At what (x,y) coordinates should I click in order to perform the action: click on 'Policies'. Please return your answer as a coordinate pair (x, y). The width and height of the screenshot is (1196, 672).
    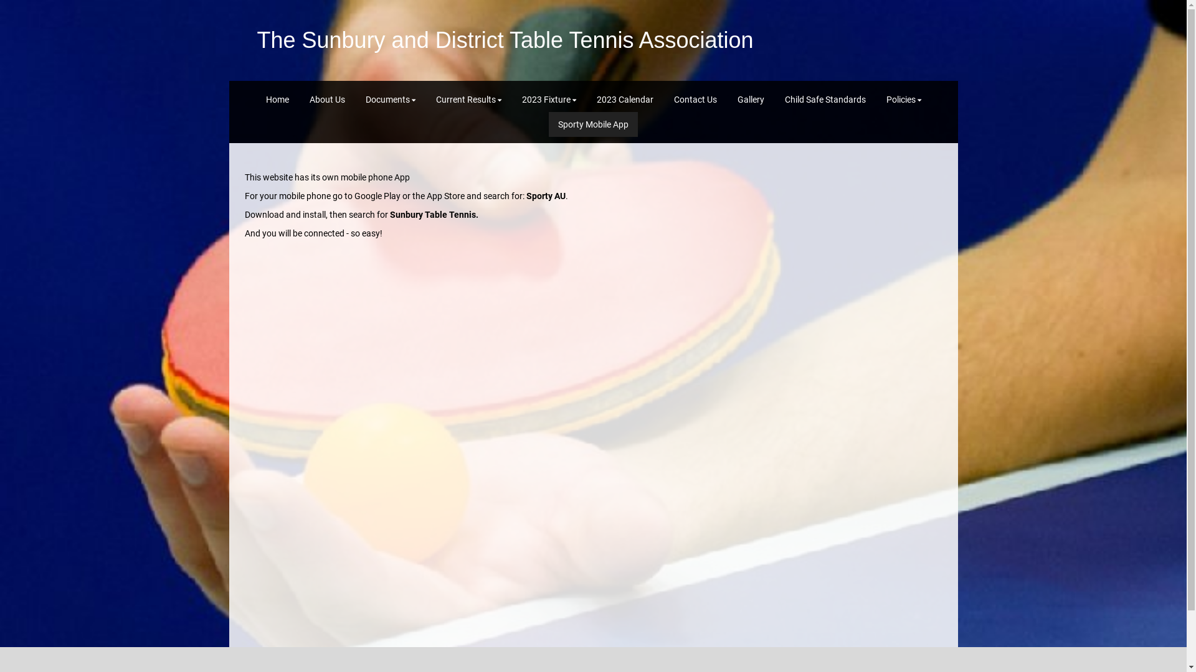
    Looking at the image, I should click on (903, 98).